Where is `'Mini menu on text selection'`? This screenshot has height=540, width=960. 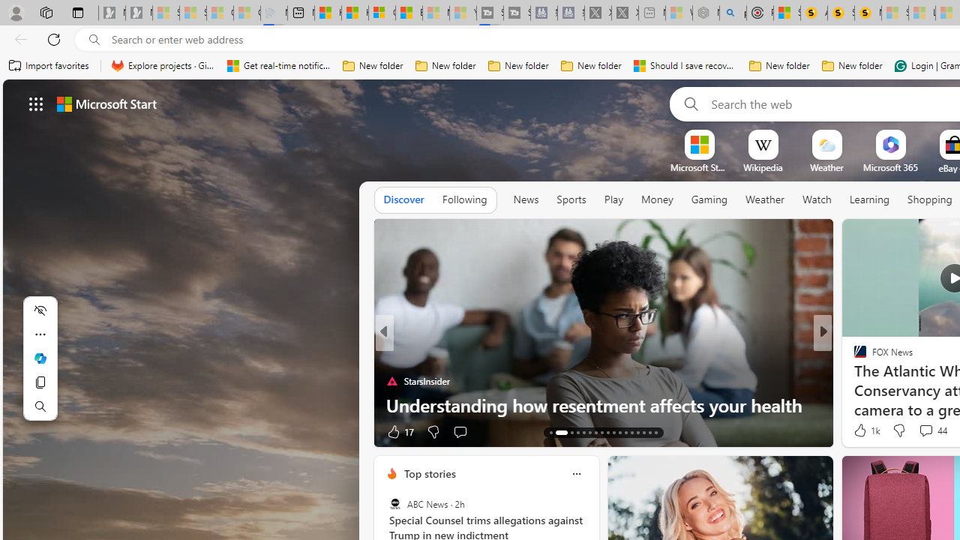 'Mini menu on text selection' is located at coordinates (40, 367).